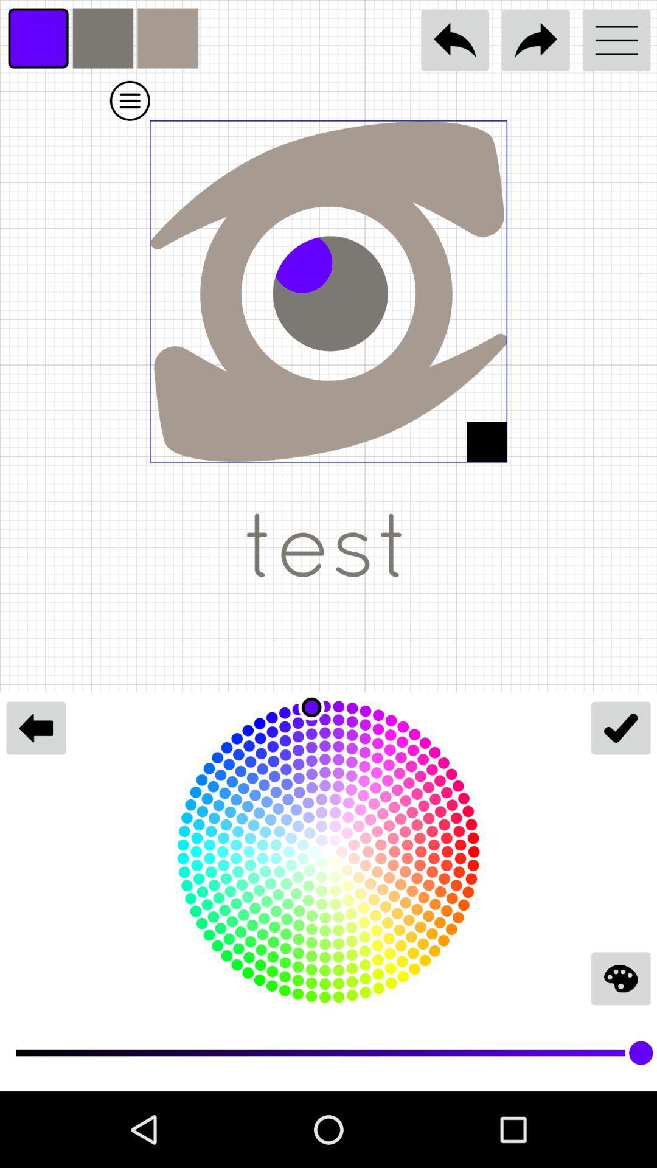 The width and height of the screenshot is (657, 1168). What do you see at coordinates (616, 40) in the screenshot?
I see `the menu icon` at bounding box center [616, 40].